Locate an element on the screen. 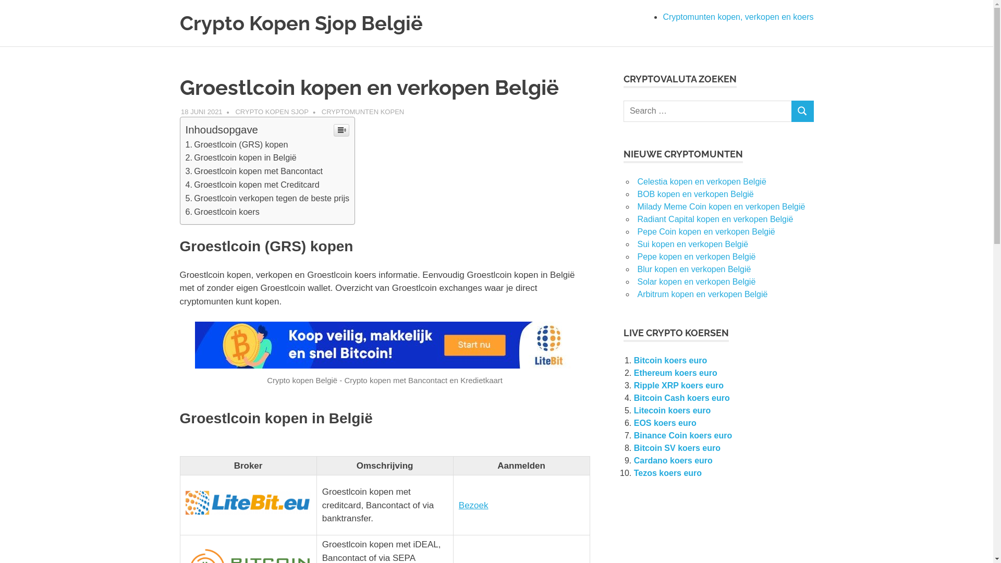 The image size is (1001, 563). 'Groestlcoin verkopen tegen de beste prijs' is located at coordinates (267, 198).